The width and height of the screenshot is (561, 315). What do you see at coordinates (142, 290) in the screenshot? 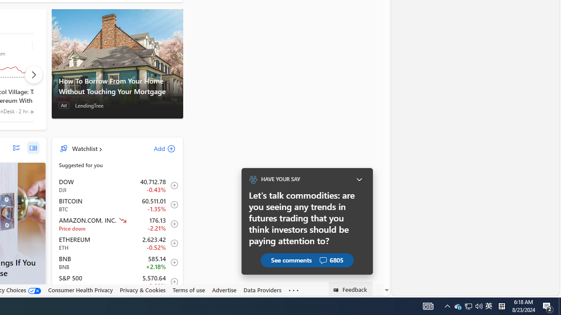
I see `'Privacy & Cookies'` at bounding box center [142, 290].